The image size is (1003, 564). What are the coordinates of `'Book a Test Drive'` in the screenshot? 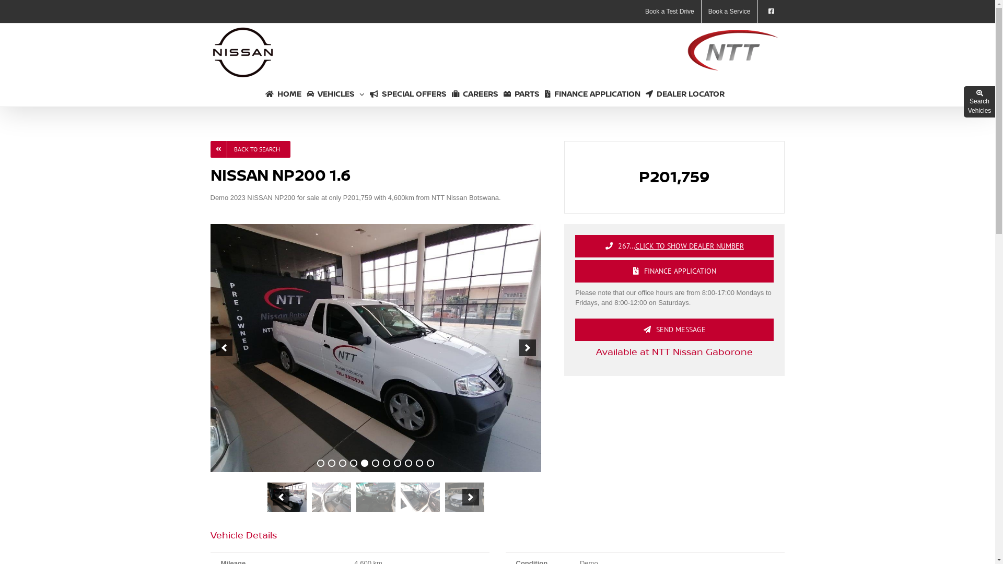 It's located at (669, 11).